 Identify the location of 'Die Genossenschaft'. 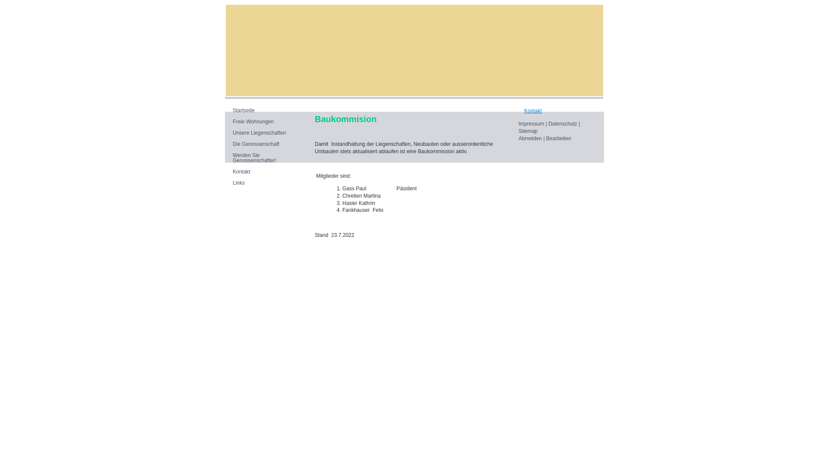
(266, 144).